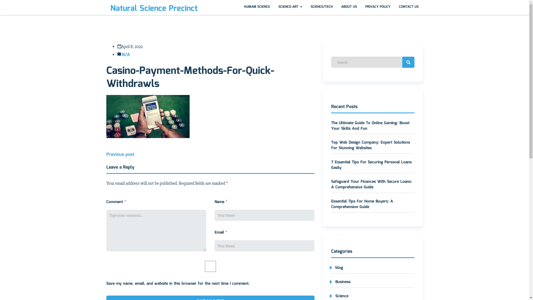 The image size is (533, 300). Describe the element at coordinates (336, 267) in the screenshot. I see `'blog'` at that location.